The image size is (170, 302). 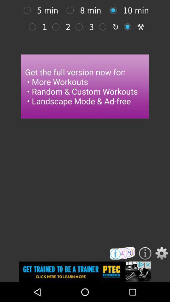 What do you see at coordinates (161, 253) in the screenshot?
I see `open option menu` at bounding box center [161, 253].